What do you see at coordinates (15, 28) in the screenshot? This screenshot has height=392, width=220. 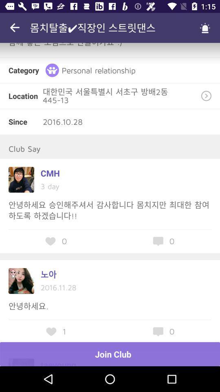 I see `the arrow_backward icon` at bounding box center [15, 28].